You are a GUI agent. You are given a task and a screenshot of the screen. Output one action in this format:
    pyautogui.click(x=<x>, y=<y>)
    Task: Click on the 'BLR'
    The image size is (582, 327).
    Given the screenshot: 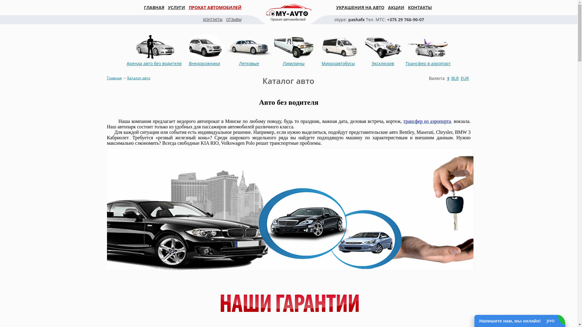 What is the action you would take?
    pyautogui.click(x=455, y=78)
    